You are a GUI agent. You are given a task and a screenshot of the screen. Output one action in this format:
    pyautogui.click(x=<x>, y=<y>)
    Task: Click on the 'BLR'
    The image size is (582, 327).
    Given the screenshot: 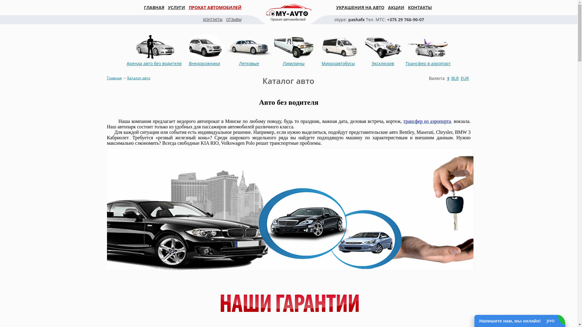 What is the action you would take?
    pyautogui.click(x=455, y=78)
    